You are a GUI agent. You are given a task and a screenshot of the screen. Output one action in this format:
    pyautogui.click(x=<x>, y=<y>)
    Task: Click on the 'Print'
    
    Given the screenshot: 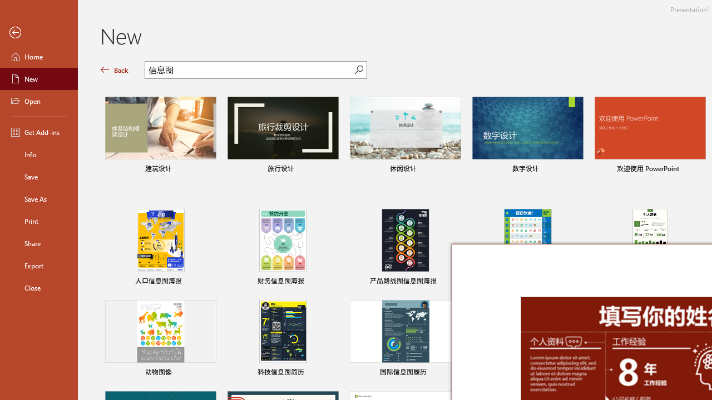 What is the action you would take?
    pyautogui.click(x=38, y=221)
    